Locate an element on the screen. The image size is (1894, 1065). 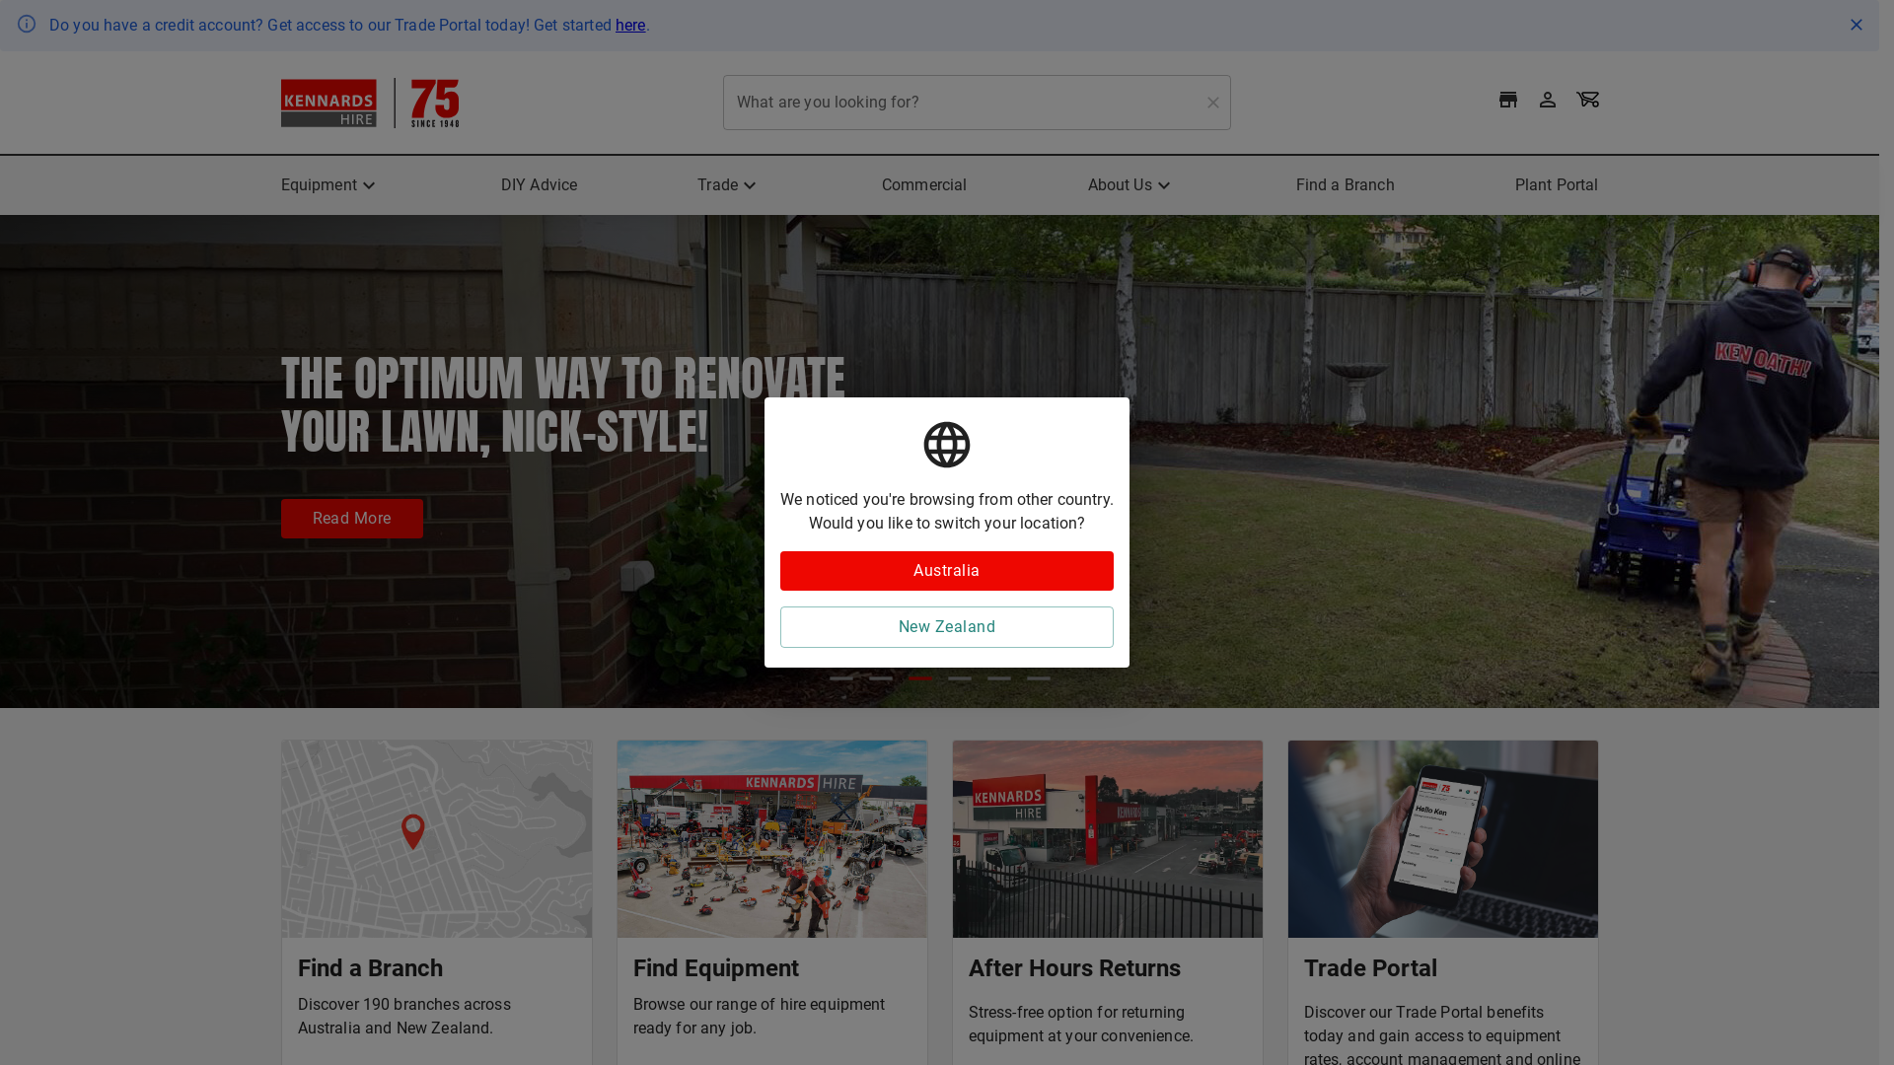
'Commercial' is located at coordinates (923, 185).